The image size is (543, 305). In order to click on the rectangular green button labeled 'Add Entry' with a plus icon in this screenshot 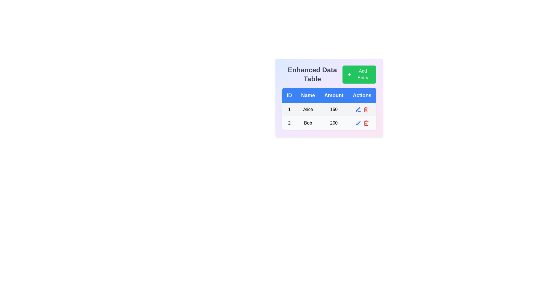, I will do `click(359, 74)`.